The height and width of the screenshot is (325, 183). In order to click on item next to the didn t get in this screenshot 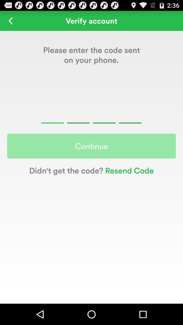, I will do `click(128, 170)`.